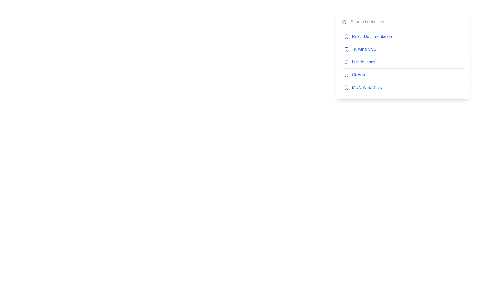 Image resolution: width=500 pixels, height=281 pixels. What do you see at coordinates (403, 87) in the screenshot?
I see `the bookmark titled 'MDN Web Docs'` at bounding box center [403, 87].